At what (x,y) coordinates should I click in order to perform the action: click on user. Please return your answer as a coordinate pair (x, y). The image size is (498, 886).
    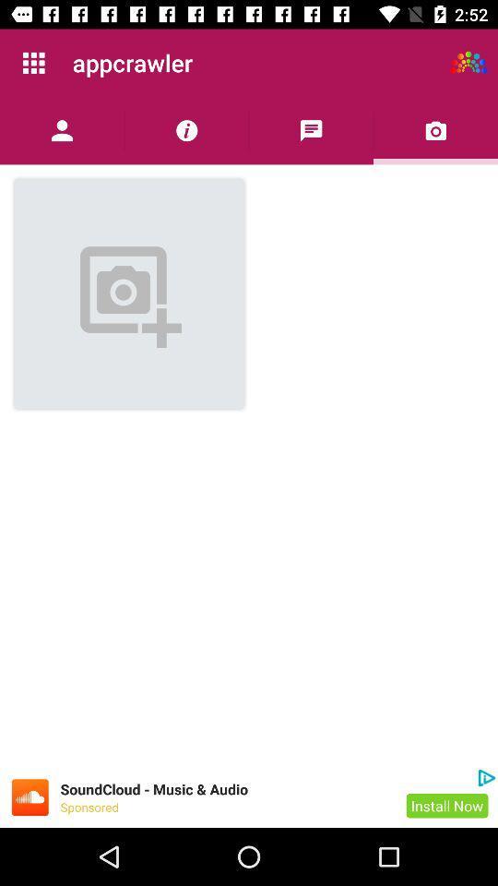
    Looking at the image, I should click on (62, 129).